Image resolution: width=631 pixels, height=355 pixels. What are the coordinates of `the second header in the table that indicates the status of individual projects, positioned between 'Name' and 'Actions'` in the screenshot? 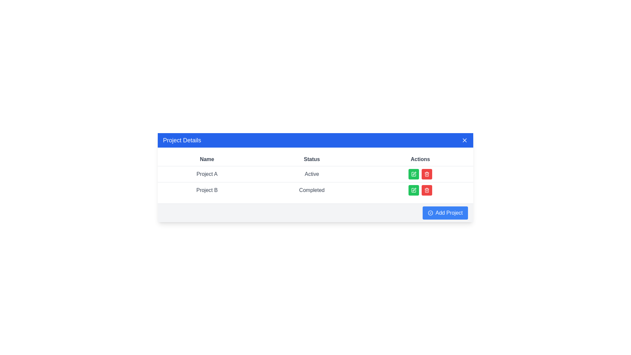 It's located at (312, 159).